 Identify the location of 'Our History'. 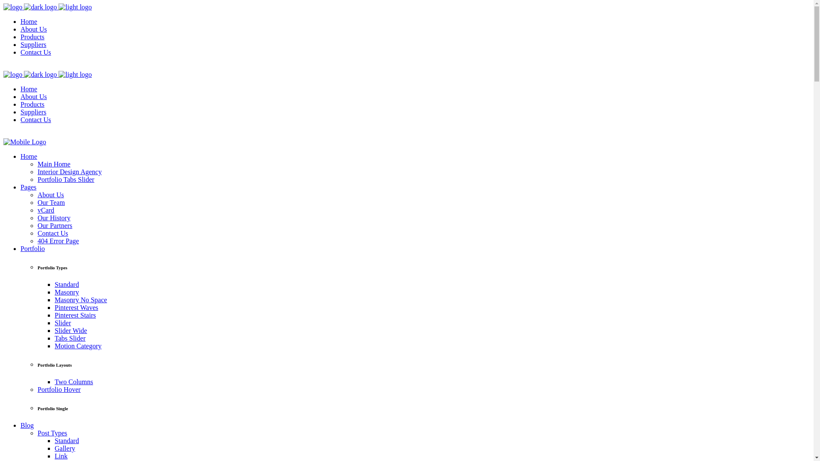
(37, 217).